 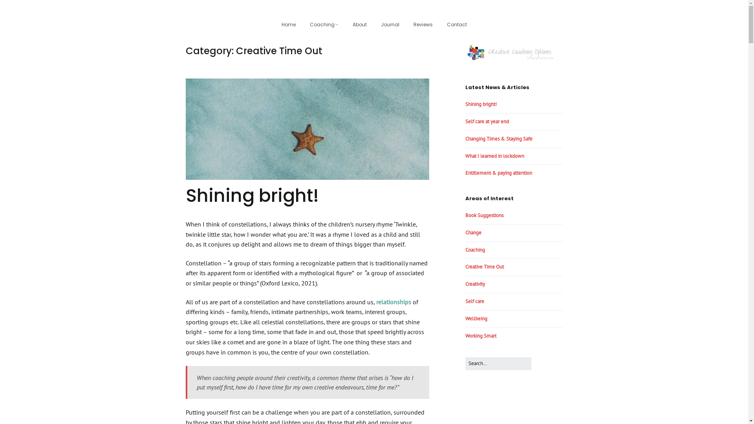 I want to click on 'About', so click(x=359, y=24).